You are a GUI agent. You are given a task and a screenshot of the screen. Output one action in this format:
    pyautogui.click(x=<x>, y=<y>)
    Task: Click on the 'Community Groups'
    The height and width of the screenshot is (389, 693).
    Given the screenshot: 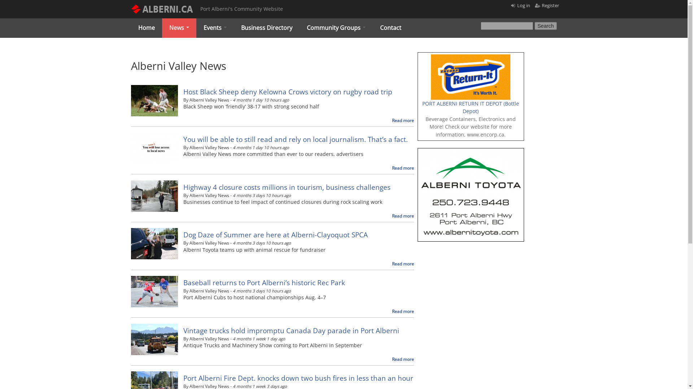 What is the action you would take?
    pyautogui.click(x=336, y=27)
    